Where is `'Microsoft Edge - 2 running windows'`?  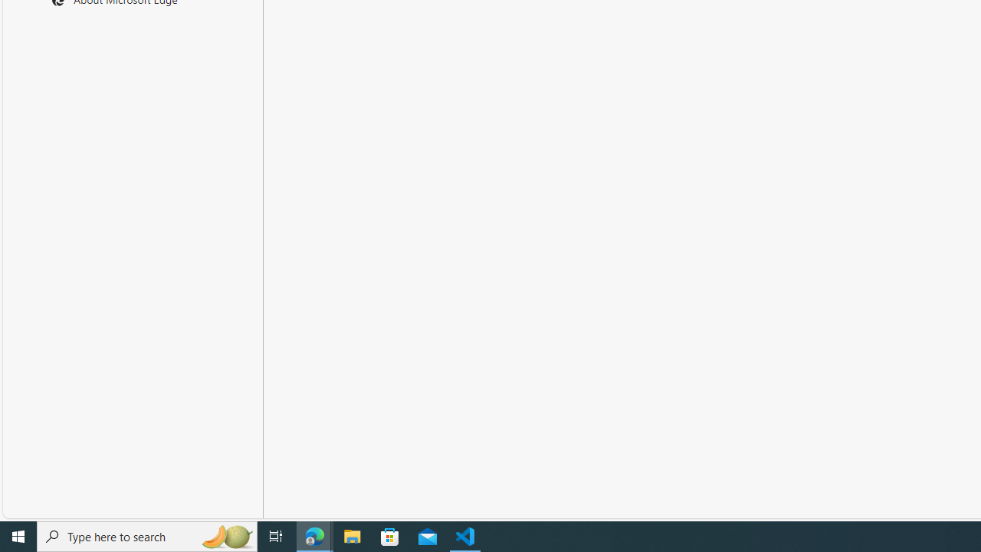
'Microsoft Edge - 2 running windows' is located at coordinates (314, 535).